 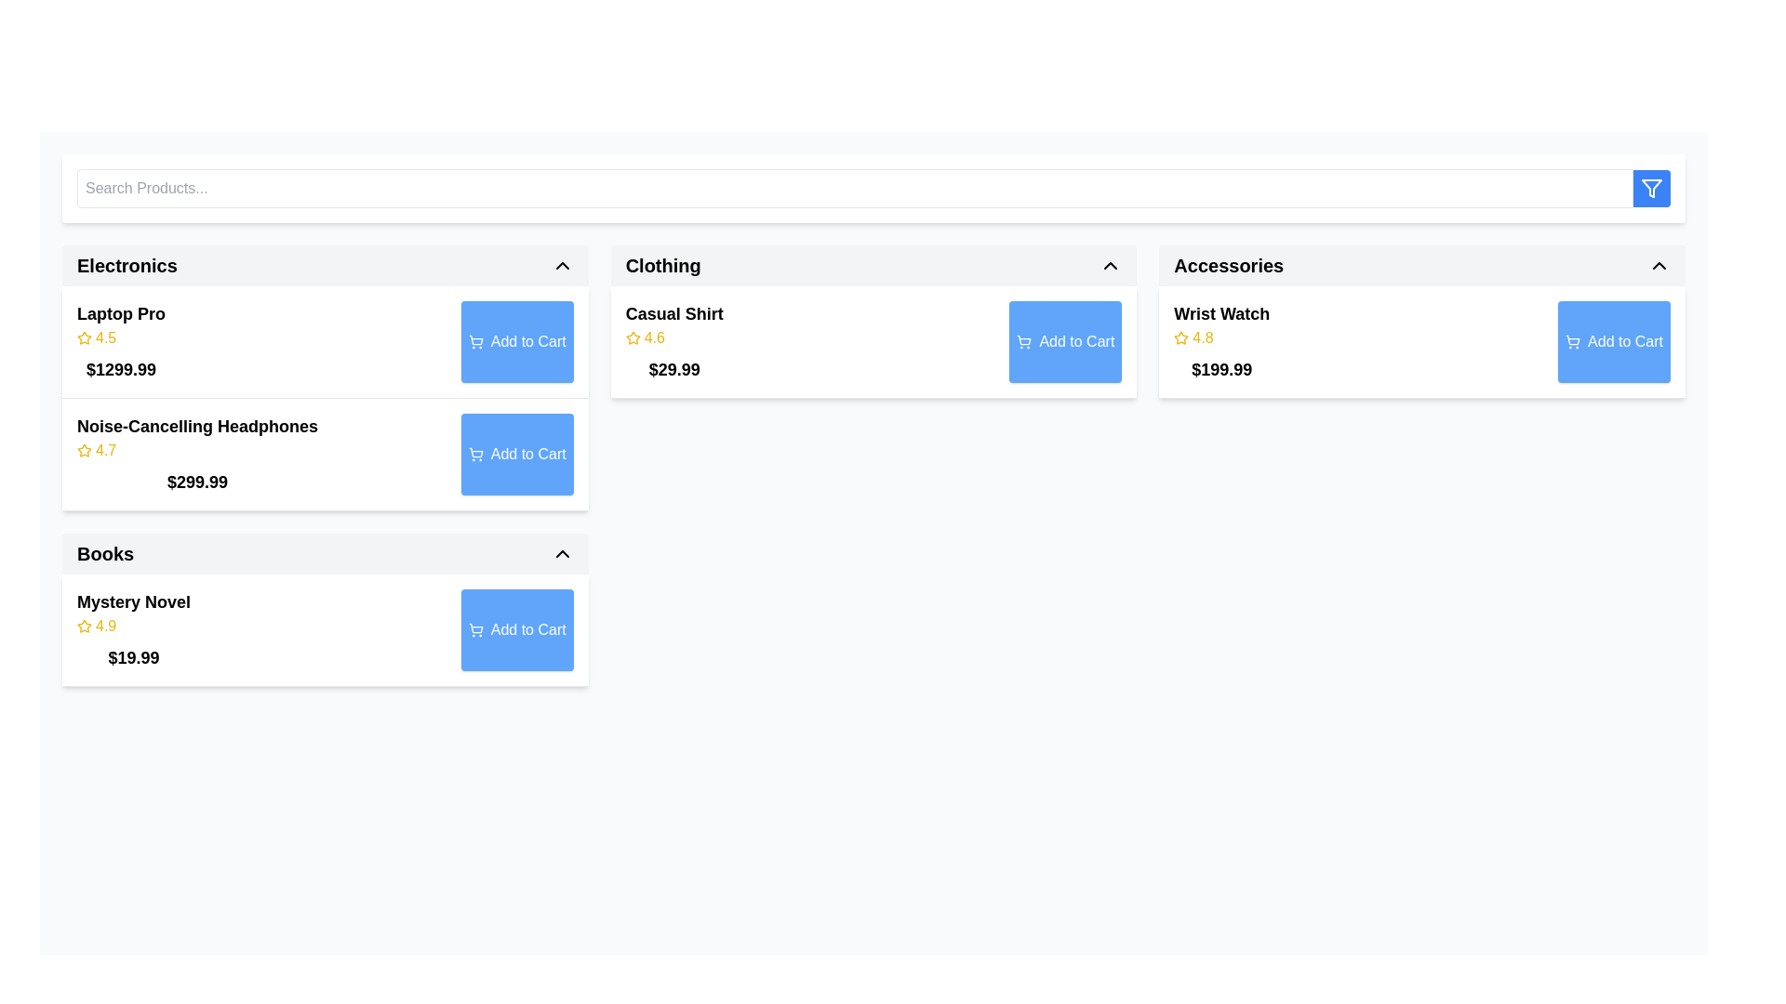 I want to click on the price text '$199.99' displayed in bold below 'Wrist Watch' and the rating '4.8' in the 'Accessories' section, so click(x=1221, y=369).